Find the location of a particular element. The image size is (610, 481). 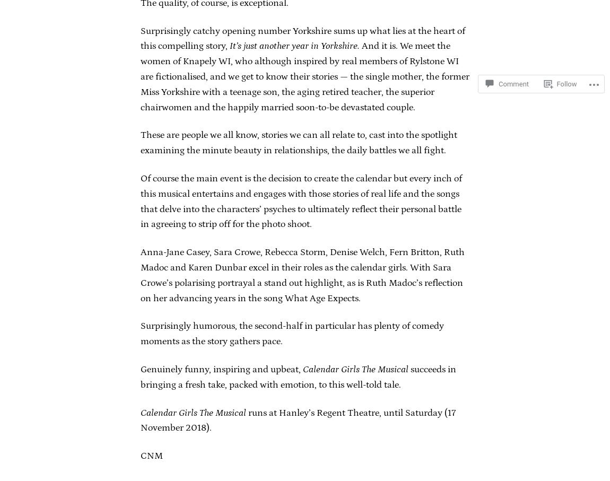

'succeeds in bringing a fresh take, packed with emotion, to this well-told tale.' is located at coordinates (140, 377).